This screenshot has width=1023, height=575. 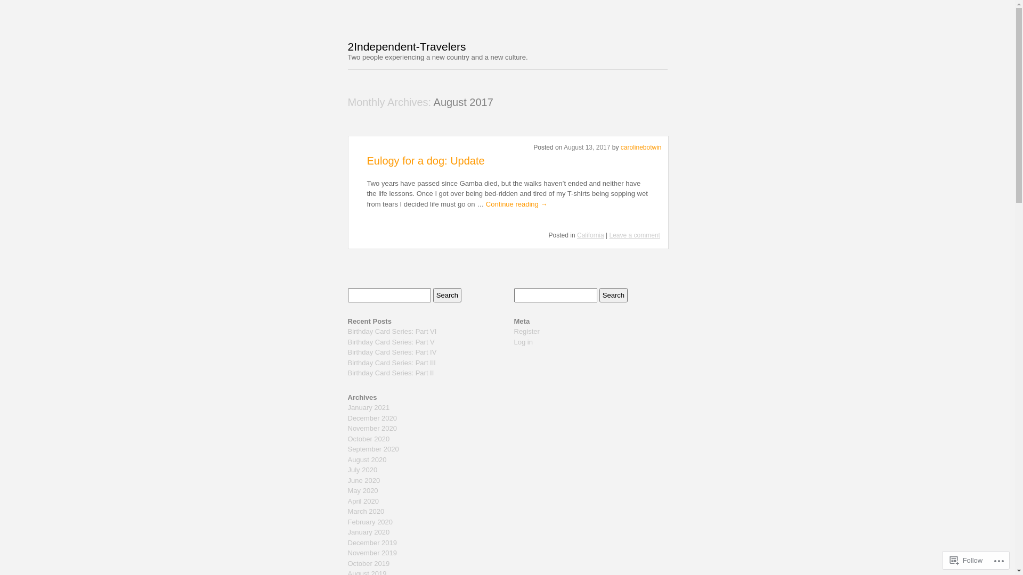 I want to click on 'Leave a comment', so click(x=635, y=235).